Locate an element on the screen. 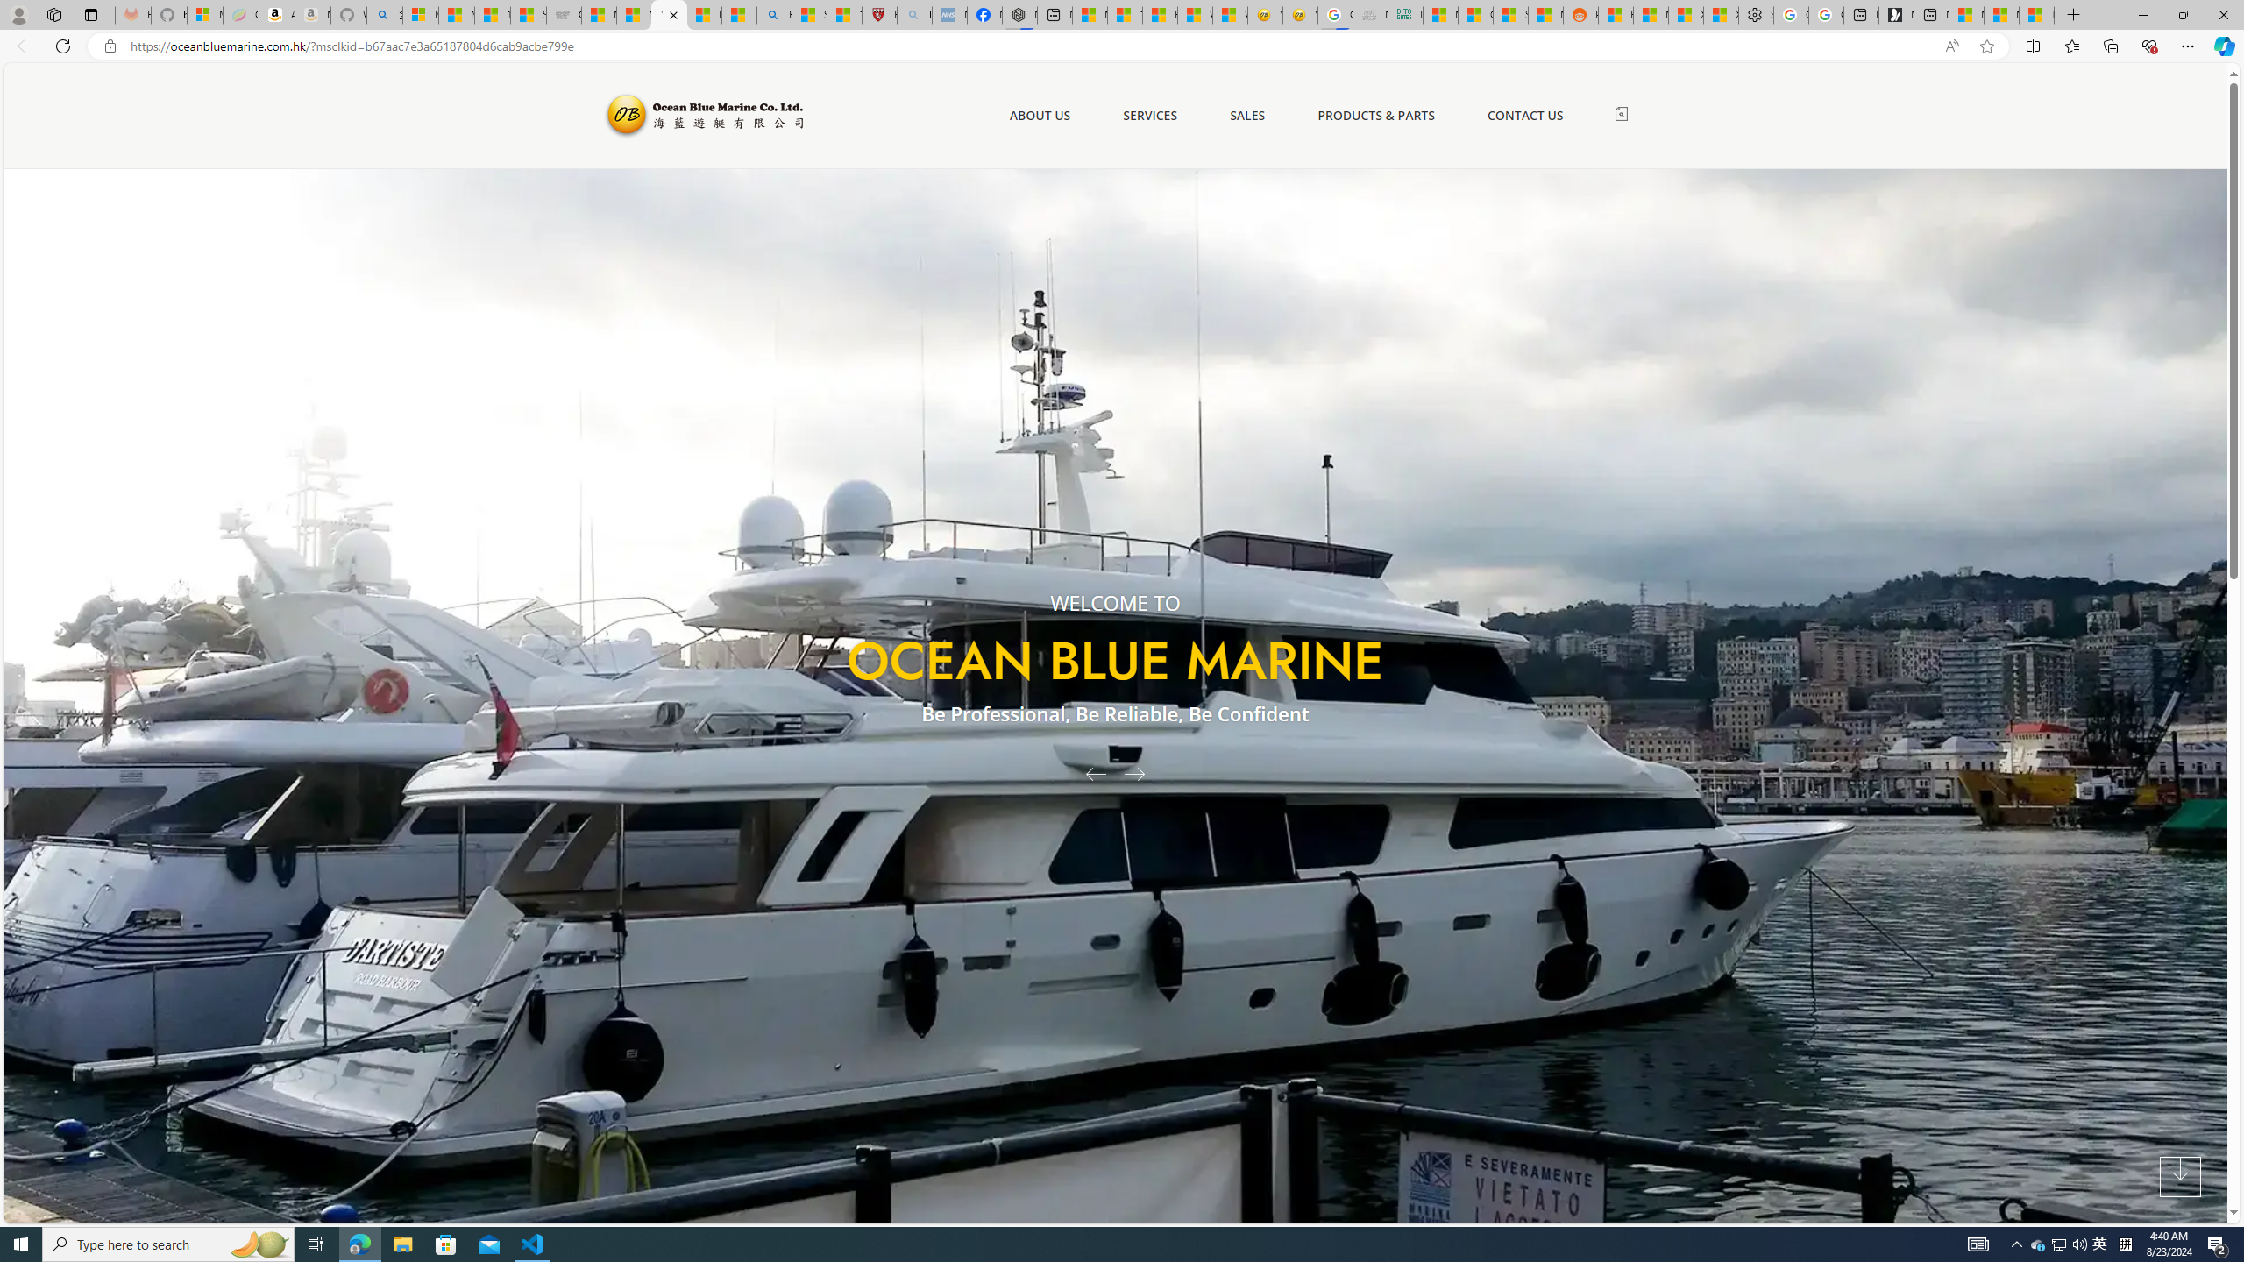 The width and height of the screenshot is (2244, 1262). 'ABOUT US' is located at coordinates (1040, 114).